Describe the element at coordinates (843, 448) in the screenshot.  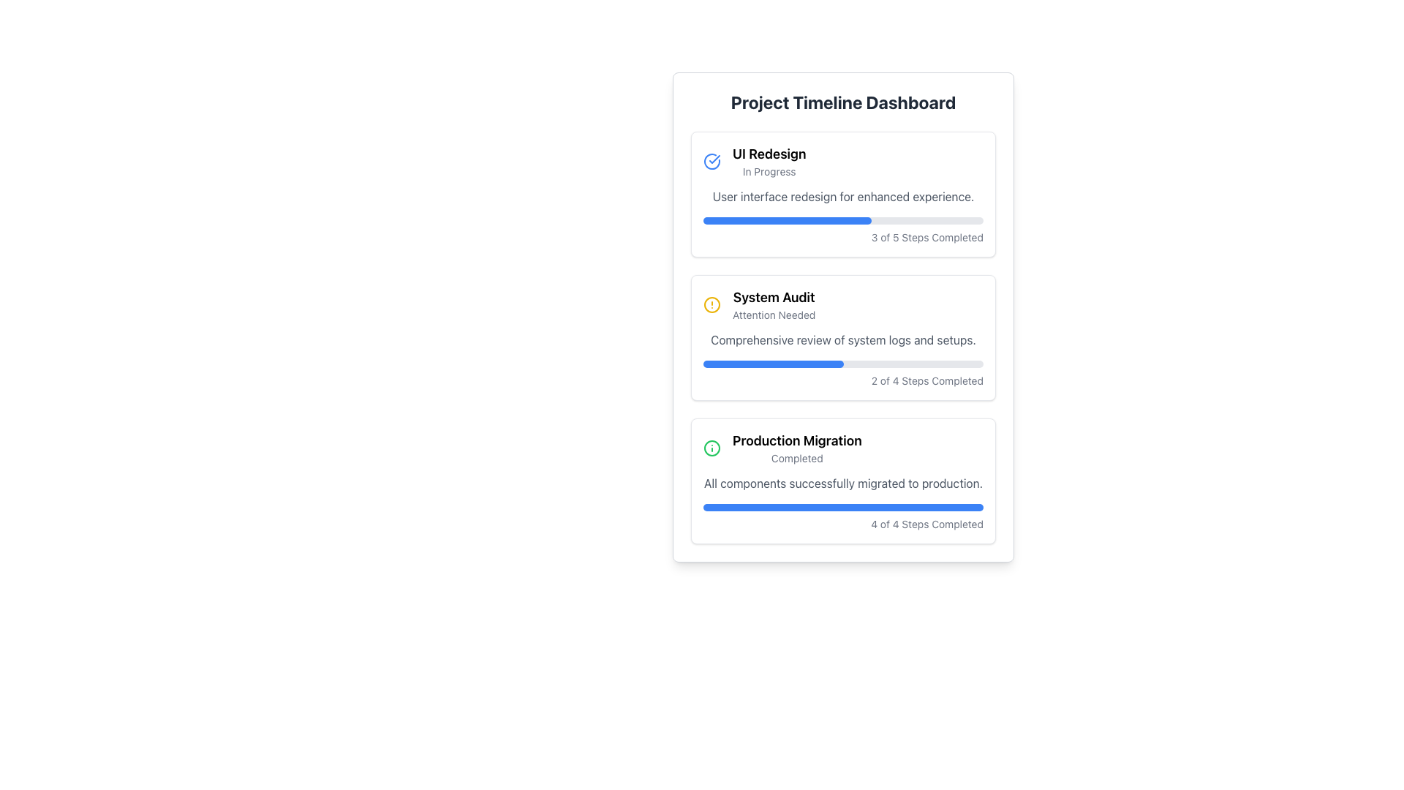
I see `the icon of the Composite element titled 'Production Migration'` at that location.